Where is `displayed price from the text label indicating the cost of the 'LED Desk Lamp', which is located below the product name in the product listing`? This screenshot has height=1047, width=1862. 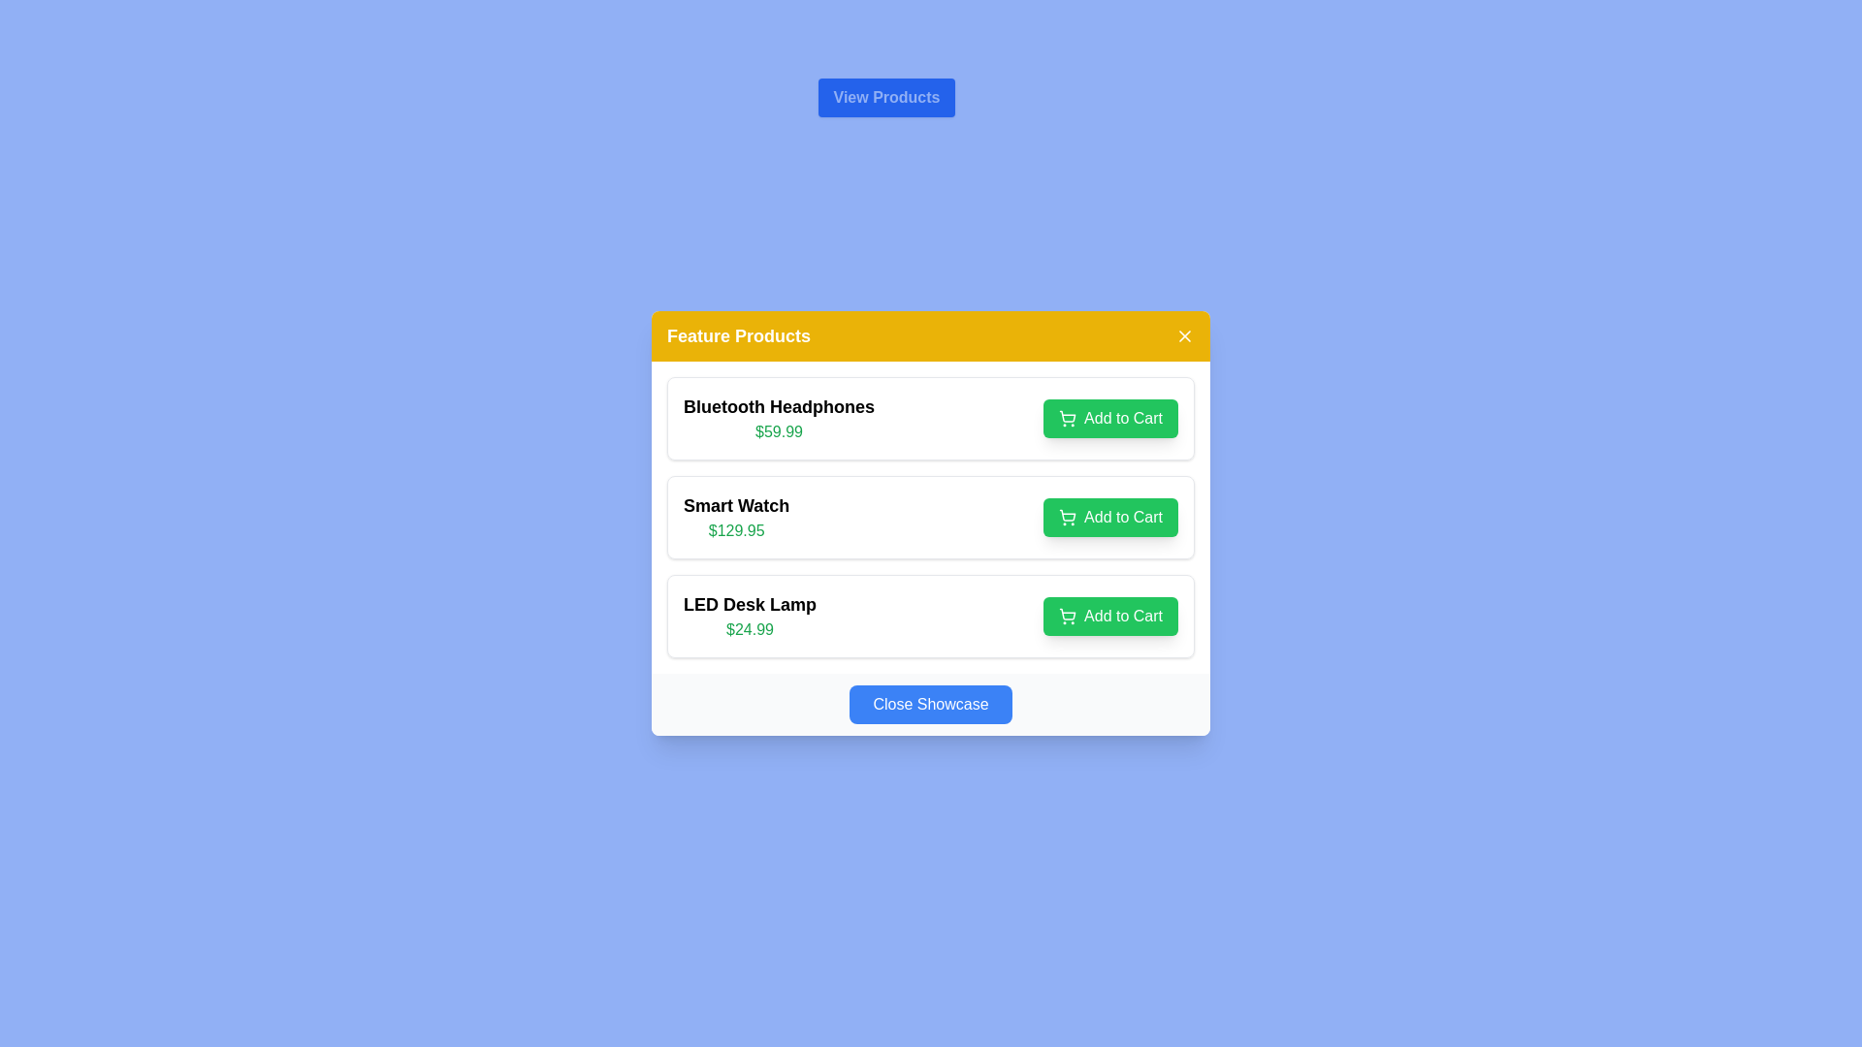
displayed price from the text label indicating the cost of the 'LED Desk Lamp', which is located below the product name in the product listing is located at coordinates (749, 630).